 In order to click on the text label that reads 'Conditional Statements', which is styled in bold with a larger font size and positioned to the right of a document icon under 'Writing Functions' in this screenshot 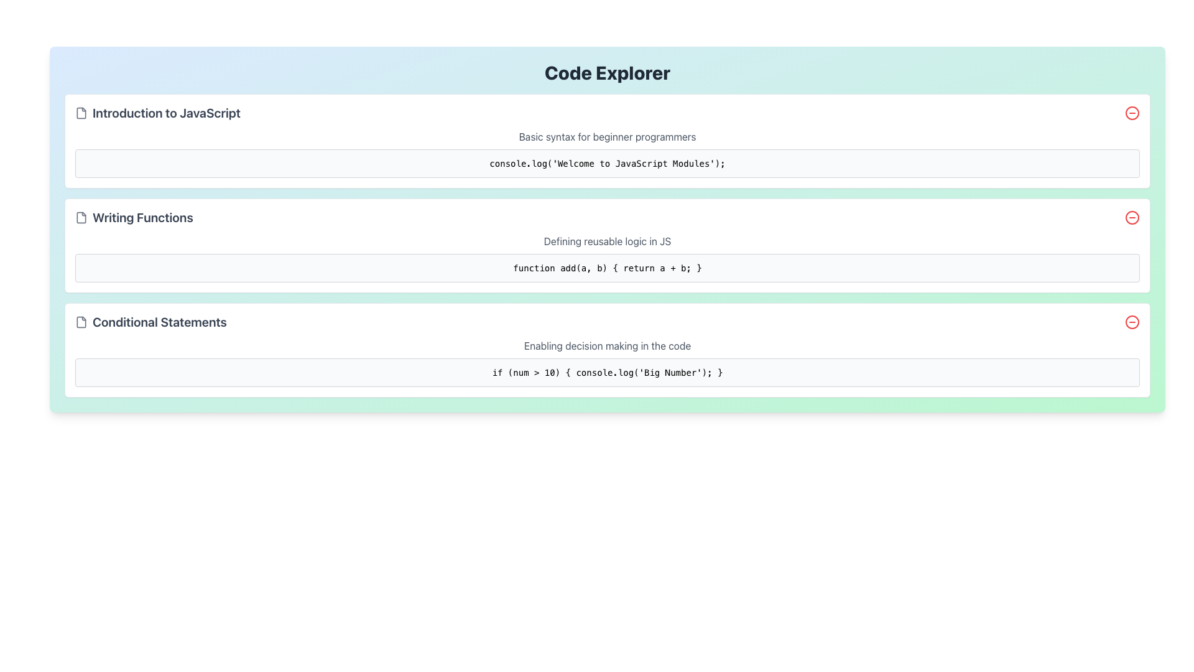, I will do `click(159, 321)`.